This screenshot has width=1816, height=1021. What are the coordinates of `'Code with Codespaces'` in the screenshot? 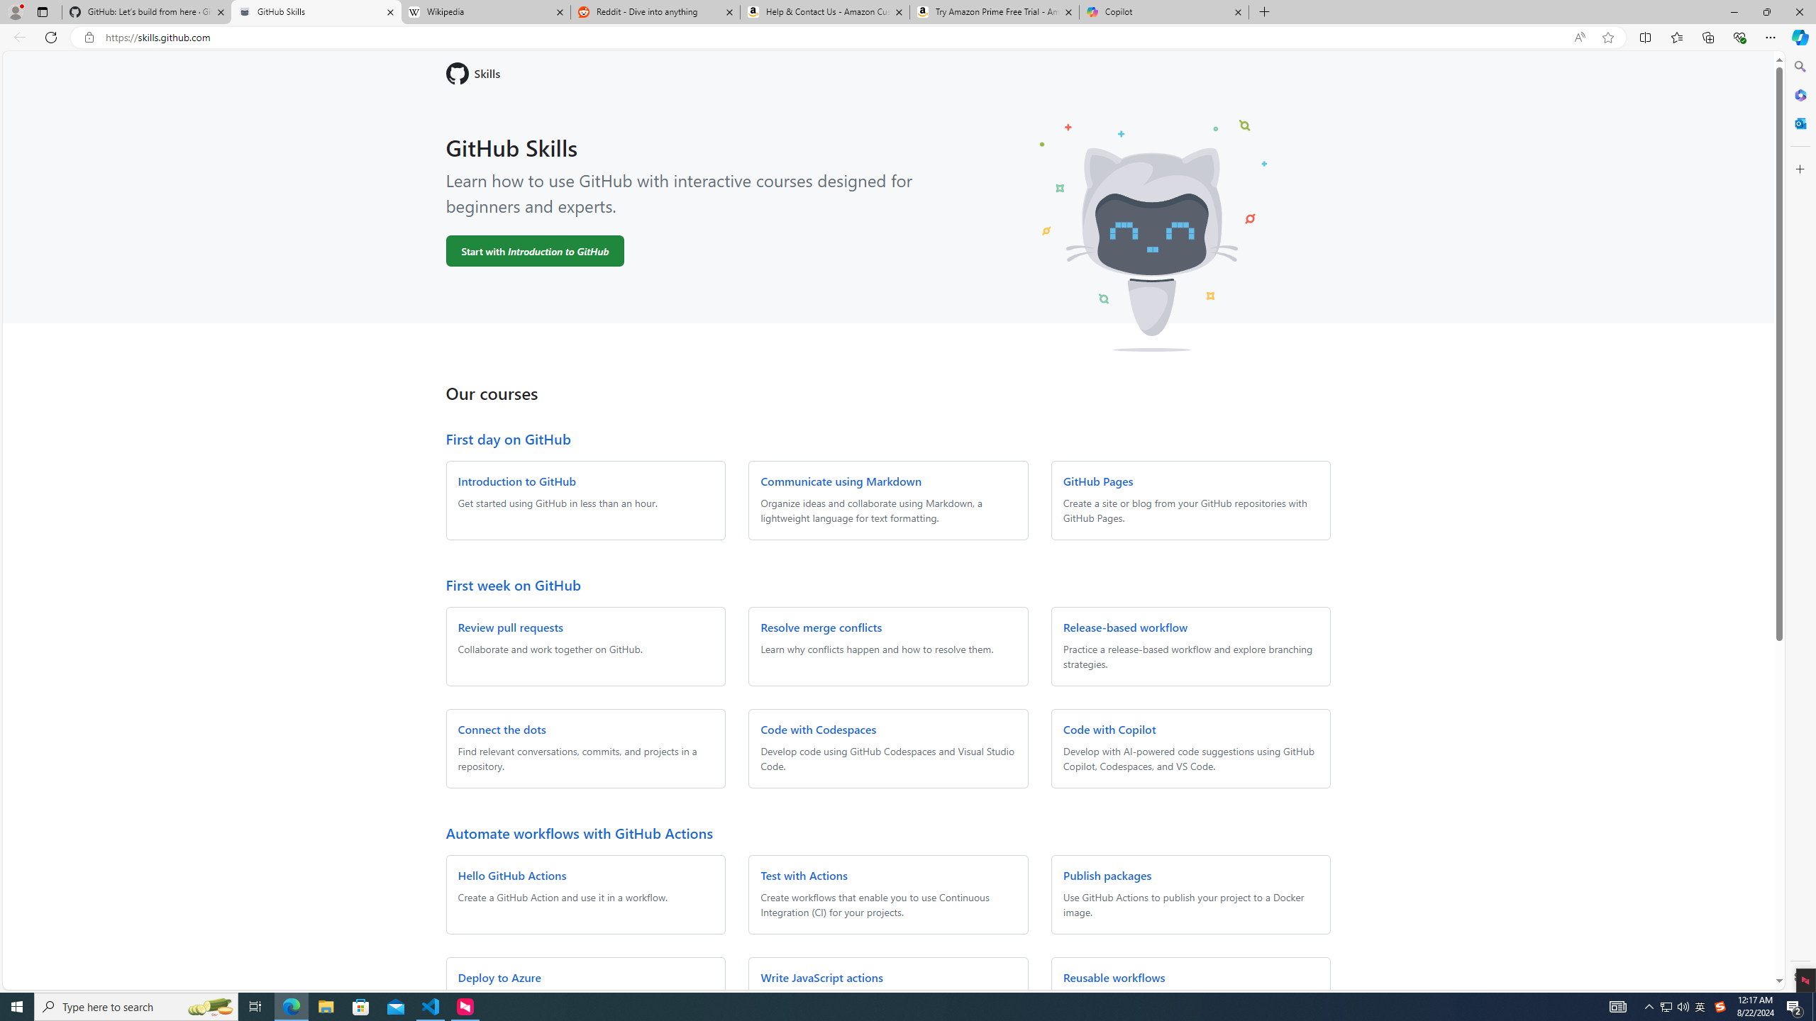 It's located at (818, 728).